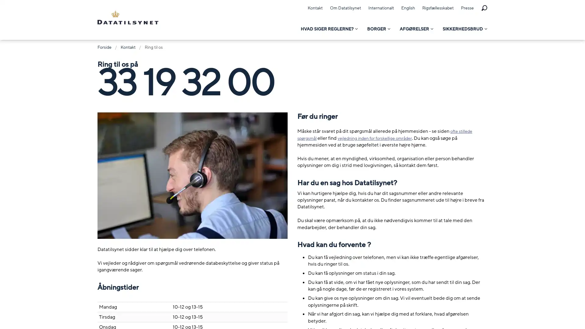  What do you see at coordinates (484, 8) in the screenshot?
I see `Fold sgefelt ud` at bounding box center [484, 8].